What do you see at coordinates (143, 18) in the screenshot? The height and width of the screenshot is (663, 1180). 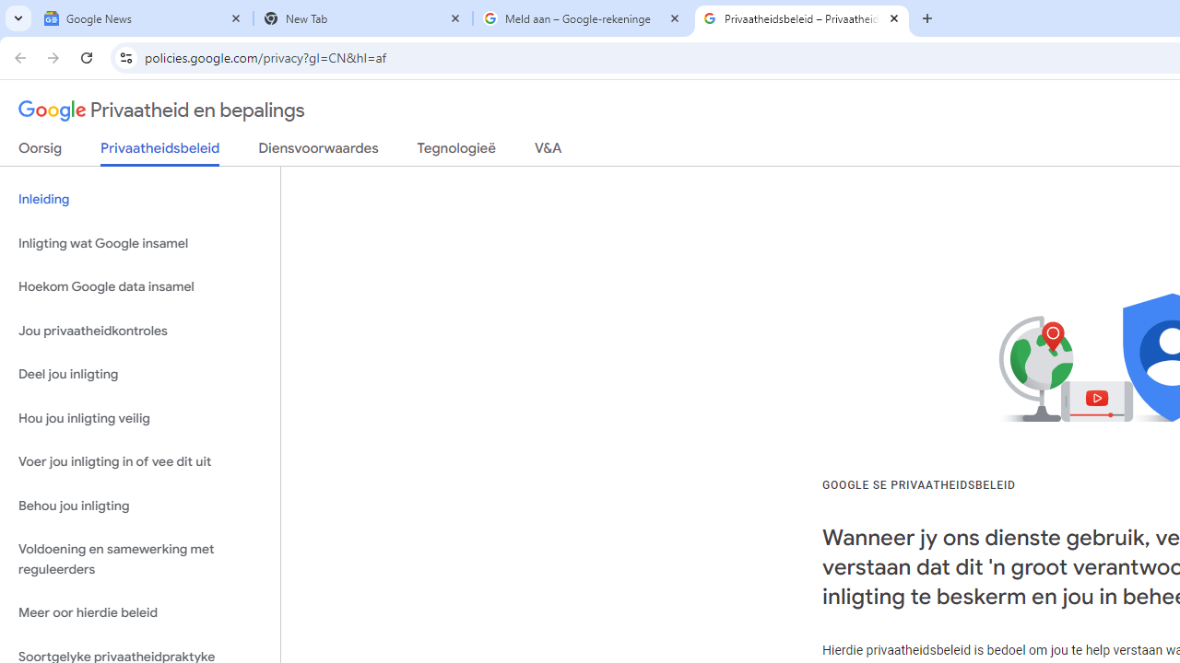 I see `'Google News'` at bounding box center [143, 18].